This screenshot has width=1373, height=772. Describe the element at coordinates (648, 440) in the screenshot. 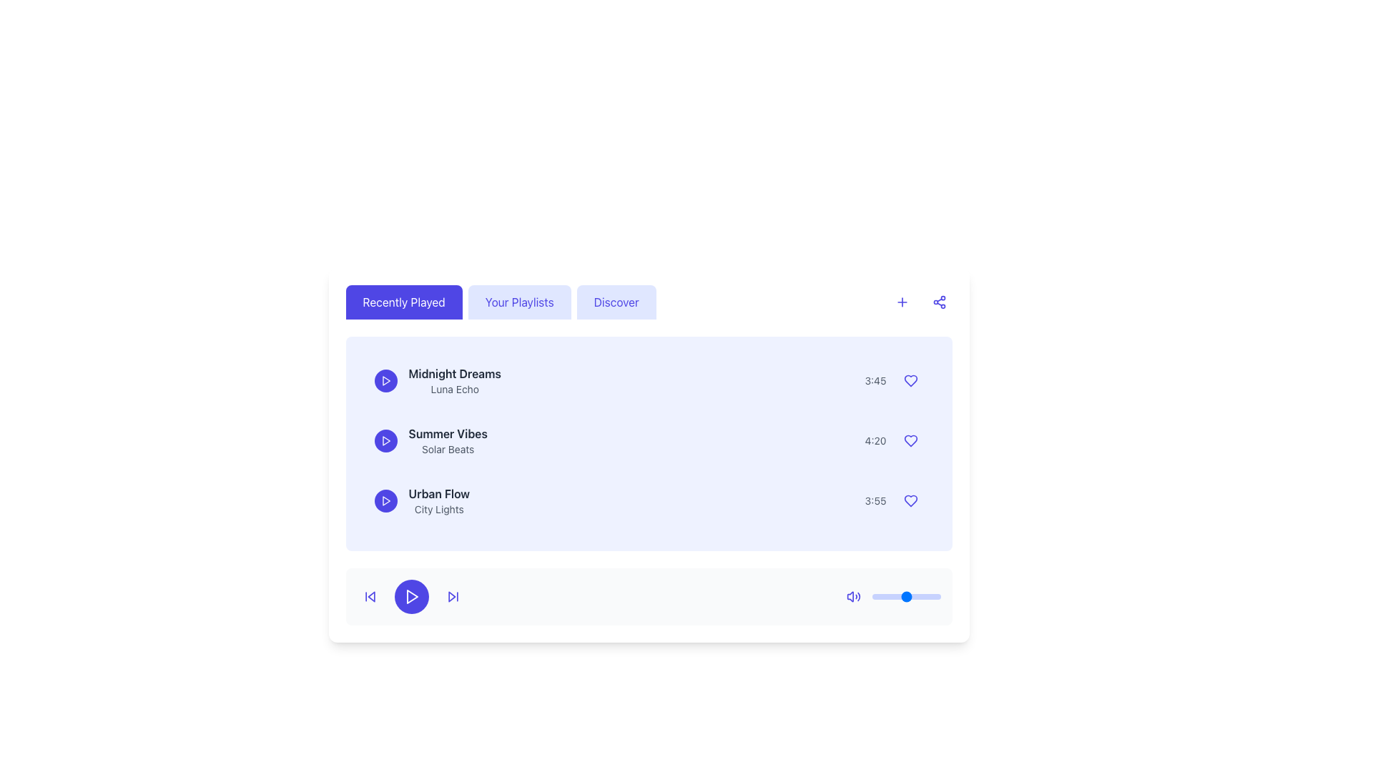

I see `the play button on the second song entry in the music application` at that location.